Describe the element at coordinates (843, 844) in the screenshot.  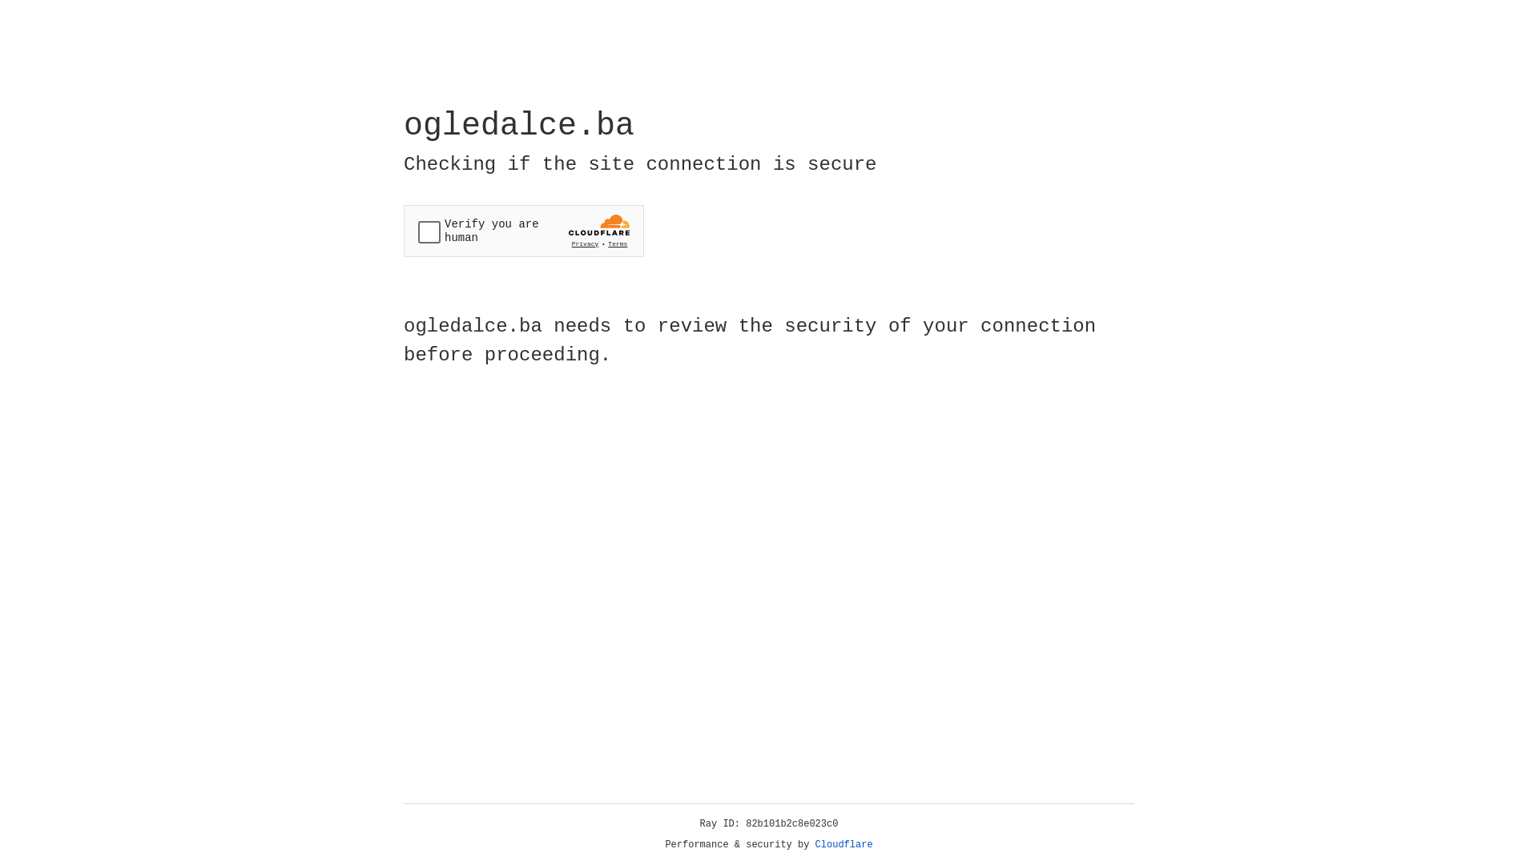
I see `'Cloudflare'` at that location.